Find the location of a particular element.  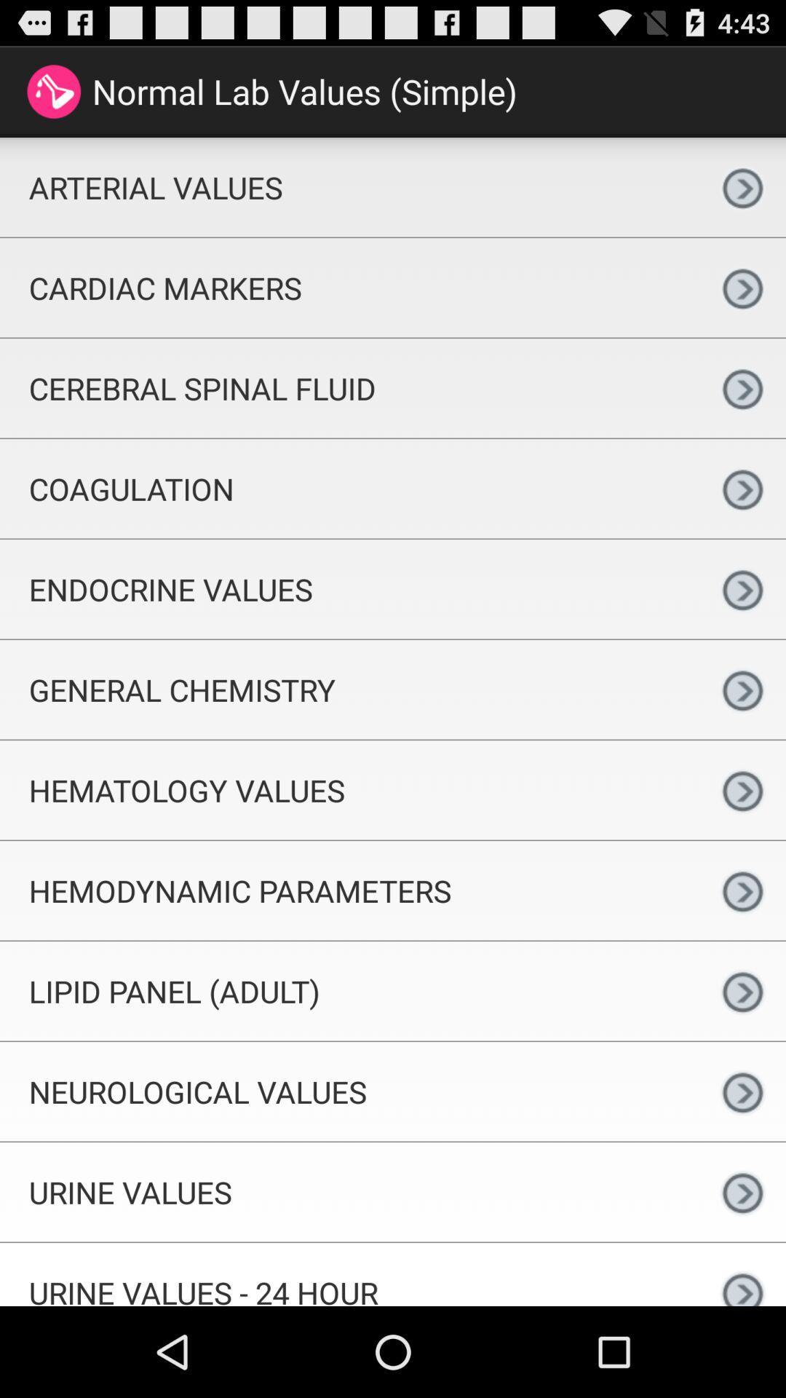

lipid panel (adult) item is located at coordinates (349, 990).